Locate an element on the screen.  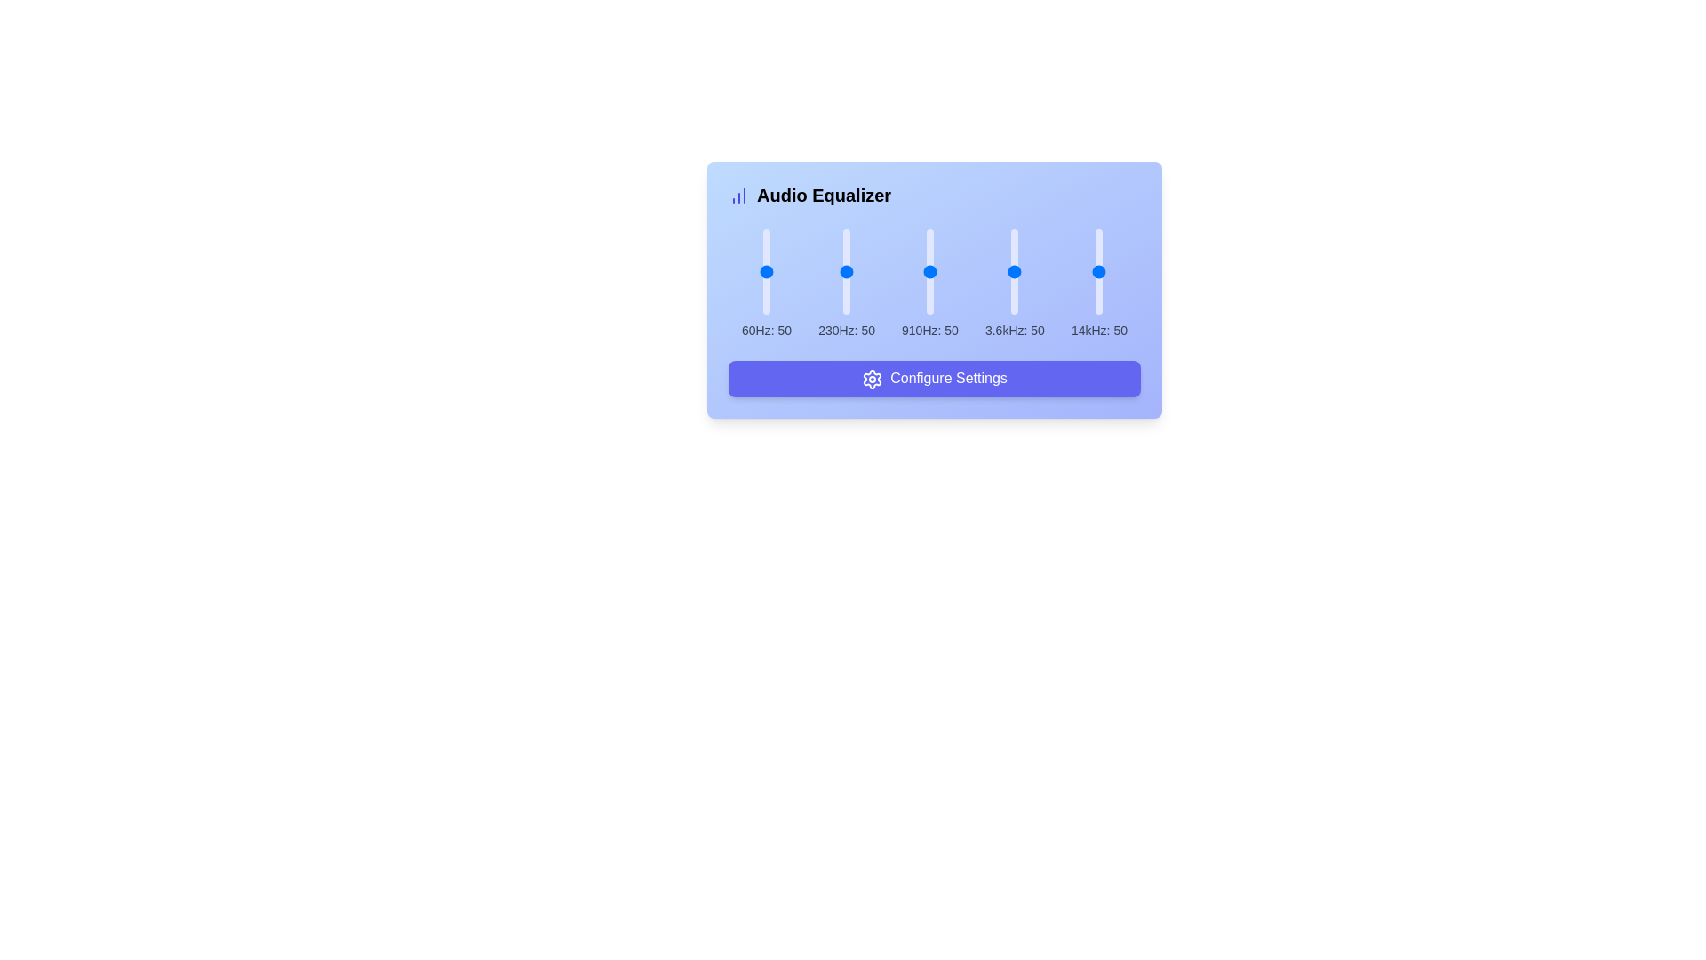
the 230Hz slider value is located at coordinates (846, 292).